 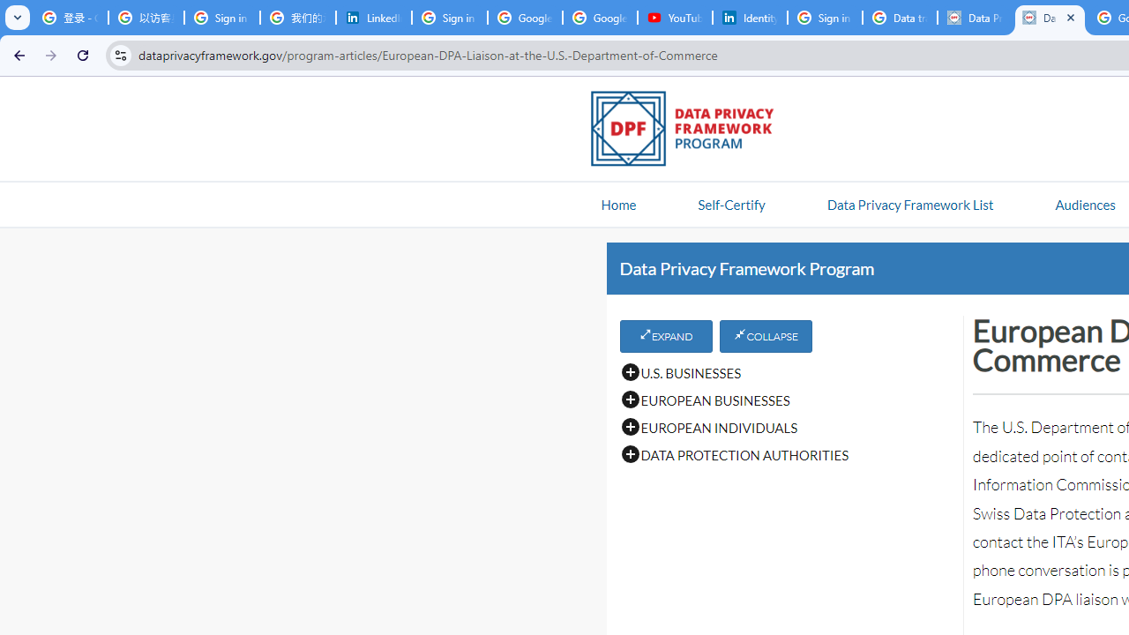 What do you see at coordinates (909, 203) in the screenshot?
I see `'Data Privacy Framework List'` at bounding box center [909, 203].